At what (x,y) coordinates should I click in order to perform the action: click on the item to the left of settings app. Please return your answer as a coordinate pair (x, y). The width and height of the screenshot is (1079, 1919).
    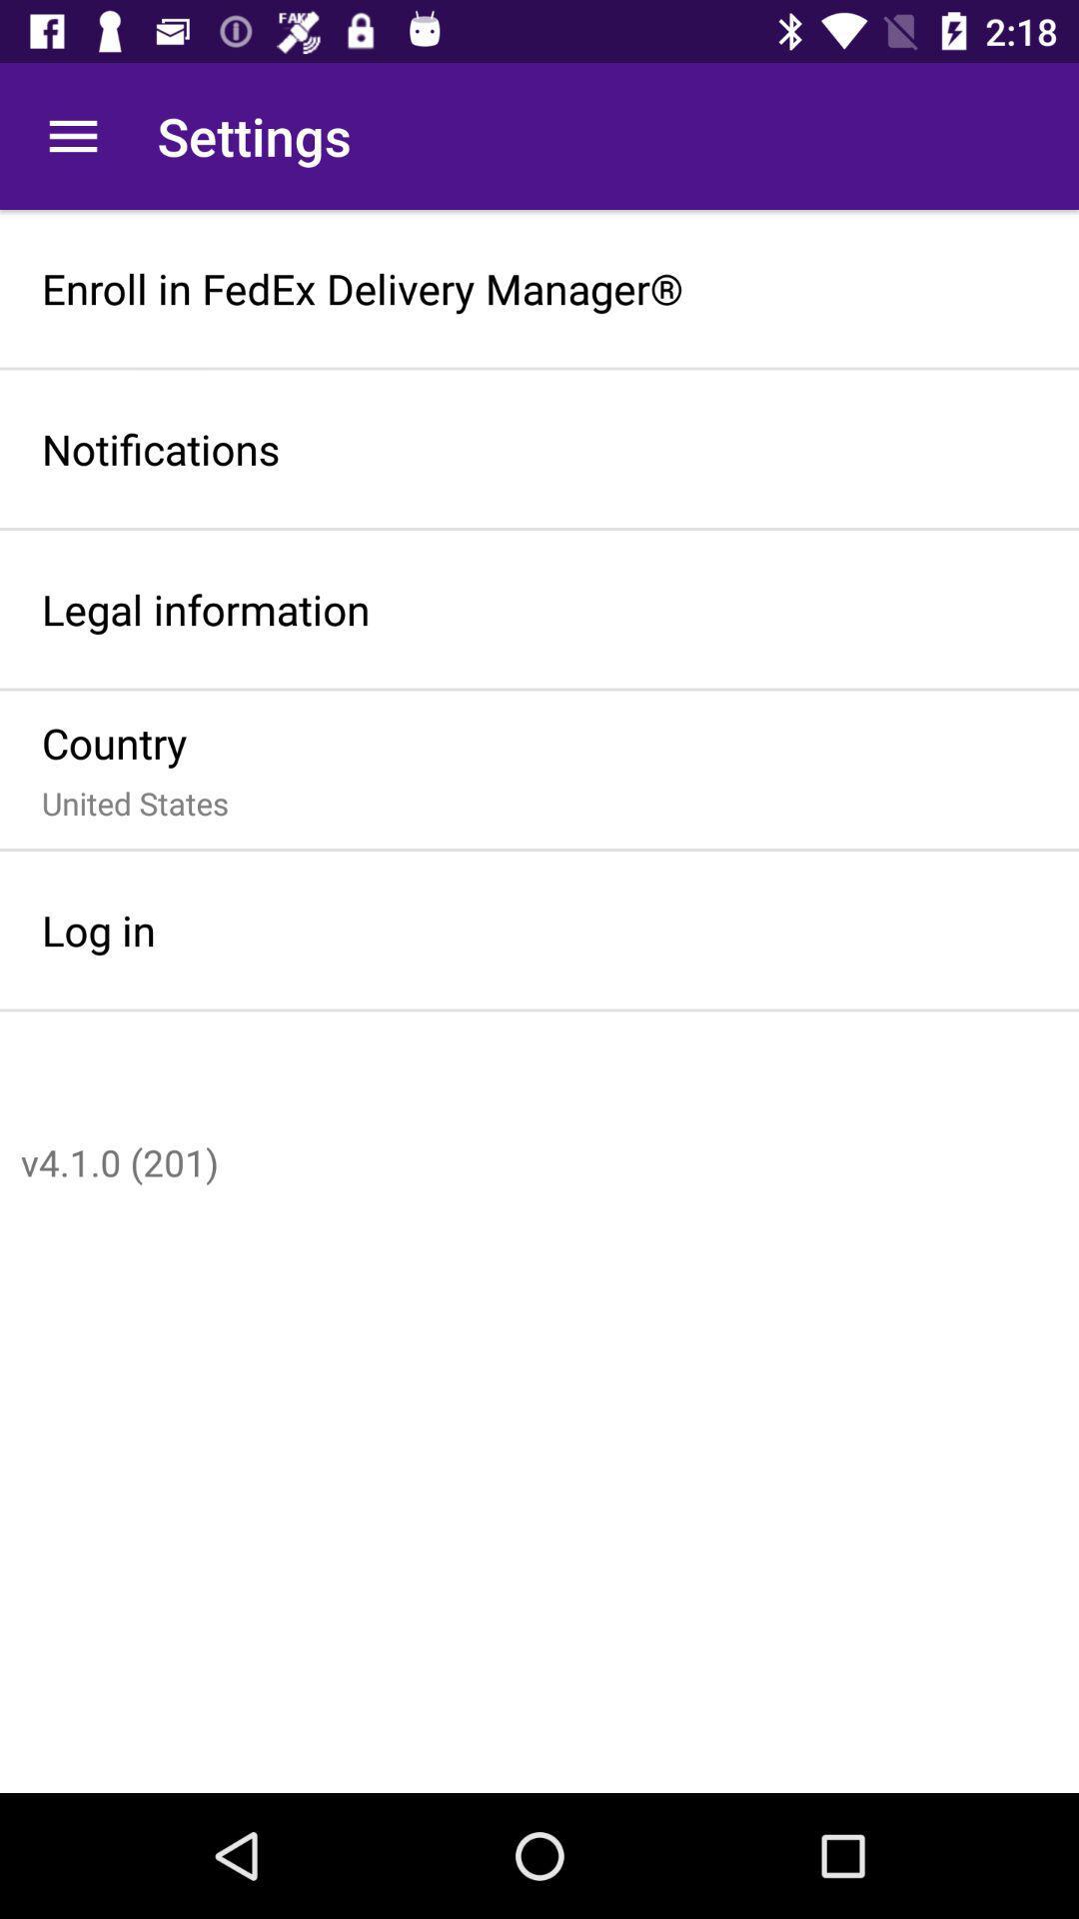
    Looking at the image, I should click on (72, 135).